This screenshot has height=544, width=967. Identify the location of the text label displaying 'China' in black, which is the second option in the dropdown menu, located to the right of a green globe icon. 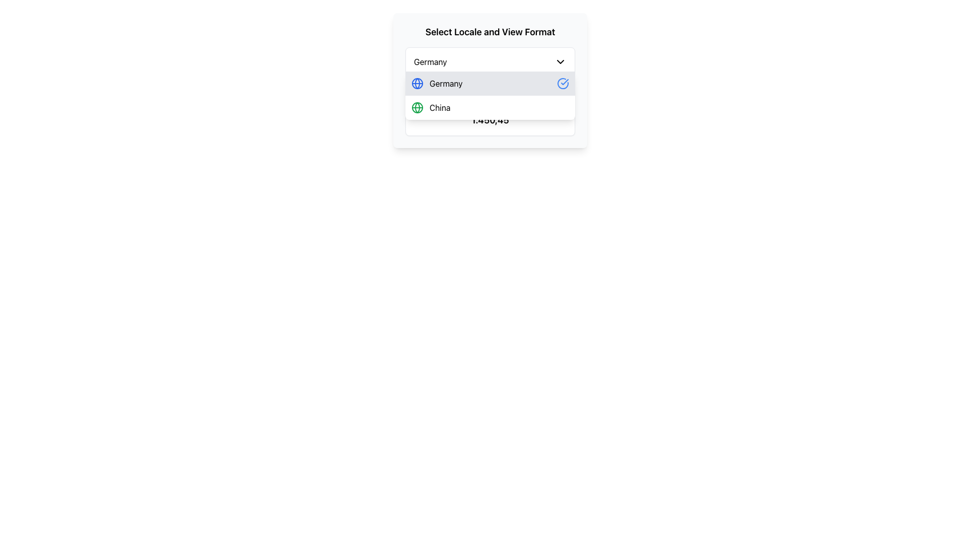
(440, 107).